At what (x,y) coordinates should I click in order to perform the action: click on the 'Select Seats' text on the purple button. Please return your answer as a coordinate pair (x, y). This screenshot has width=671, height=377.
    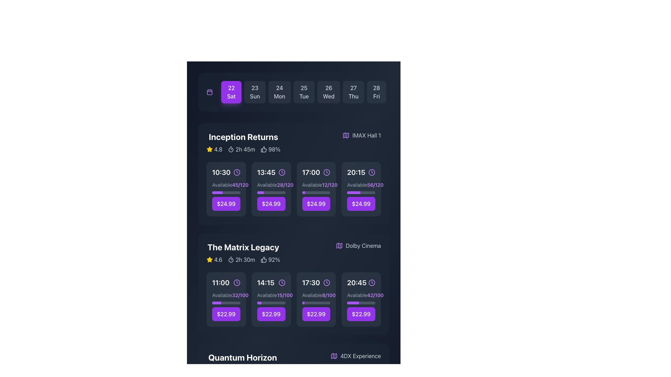
    Looking at the image, I should click on (364, 299).